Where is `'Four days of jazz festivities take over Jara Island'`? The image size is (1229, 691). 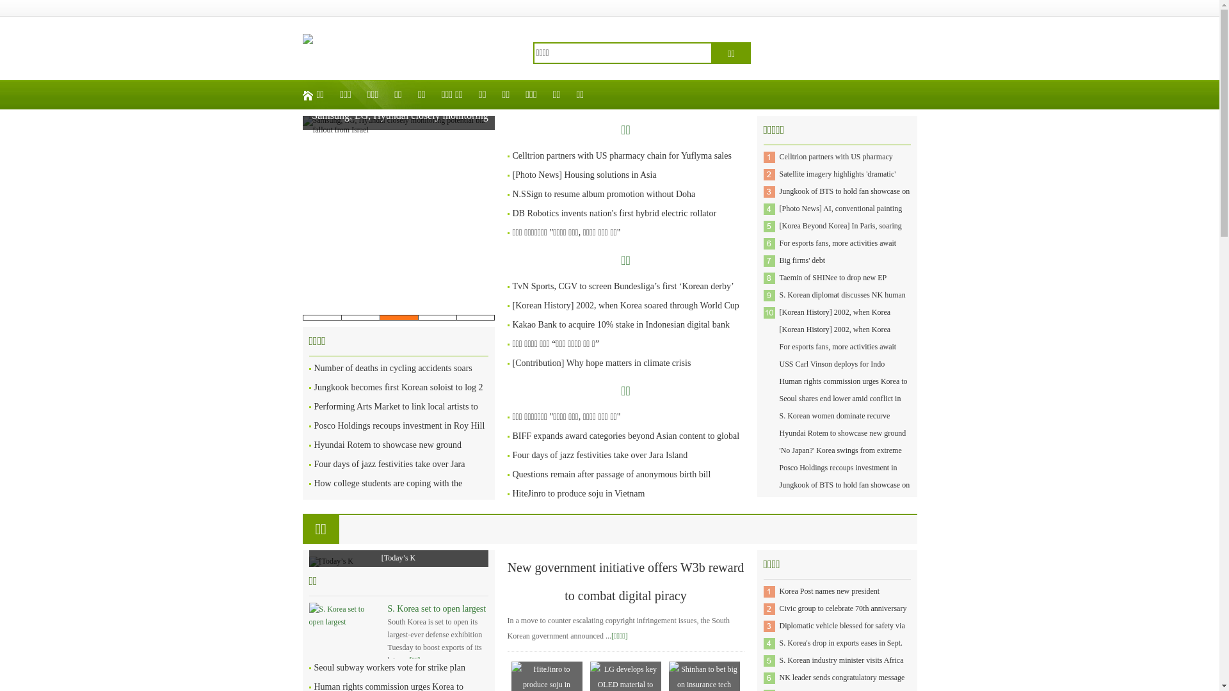
'Four days of jazz festivities take over Jara Island' is located at coordinates (512, 454).